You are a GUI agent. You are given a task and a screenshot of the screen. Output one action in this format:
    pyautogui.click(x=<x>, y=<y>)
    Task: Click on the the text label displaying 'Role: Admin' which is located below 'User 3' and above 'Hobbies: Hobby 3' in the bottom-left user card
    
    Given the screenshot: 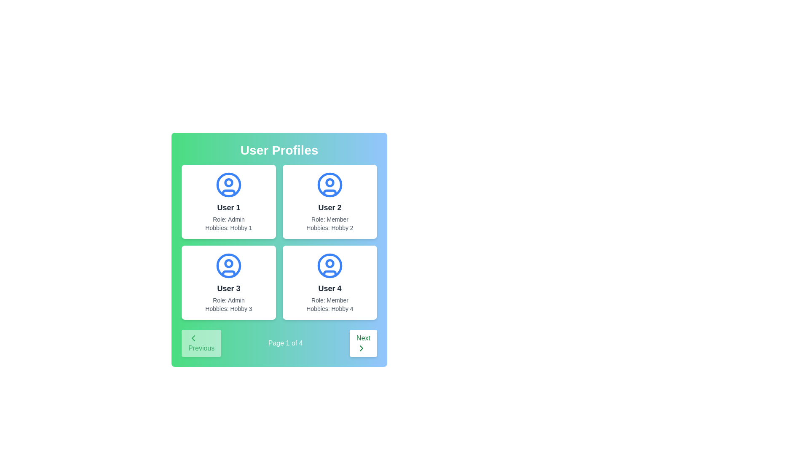 What is the action you would take?
    pyautogui.click(x=228, y=300)
    